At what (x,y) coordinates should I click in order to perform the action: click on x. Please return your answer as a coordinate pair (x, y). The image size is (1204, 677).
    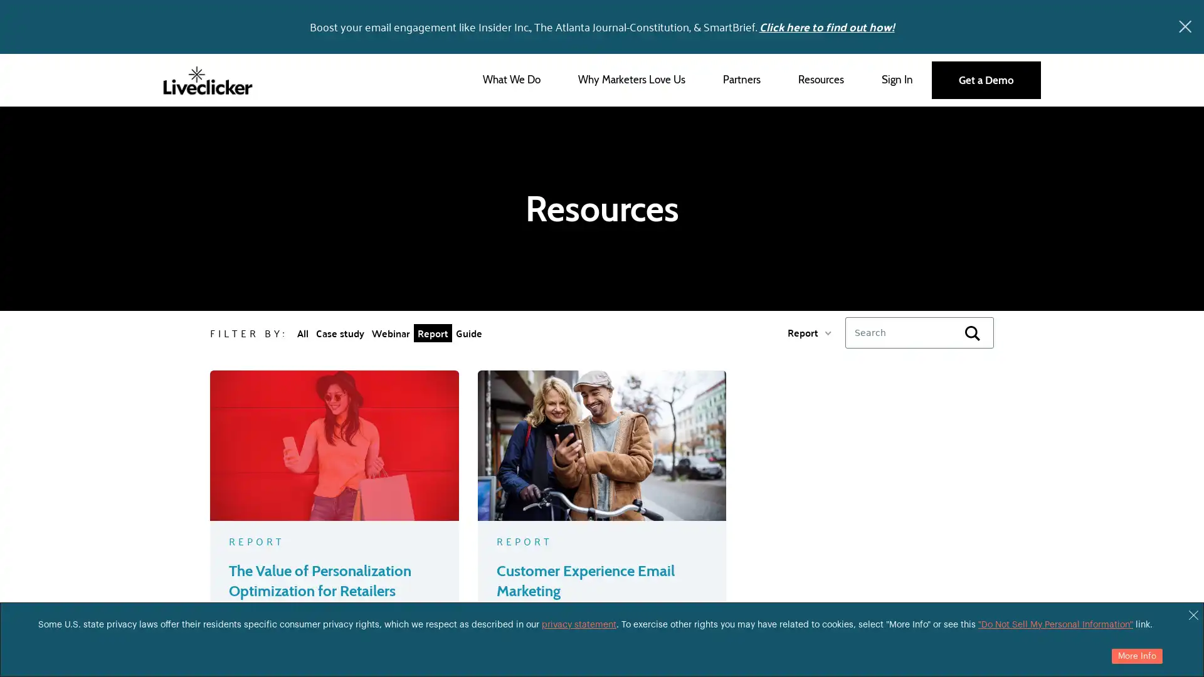
    Looking at the image, I should click on (1185, 26).